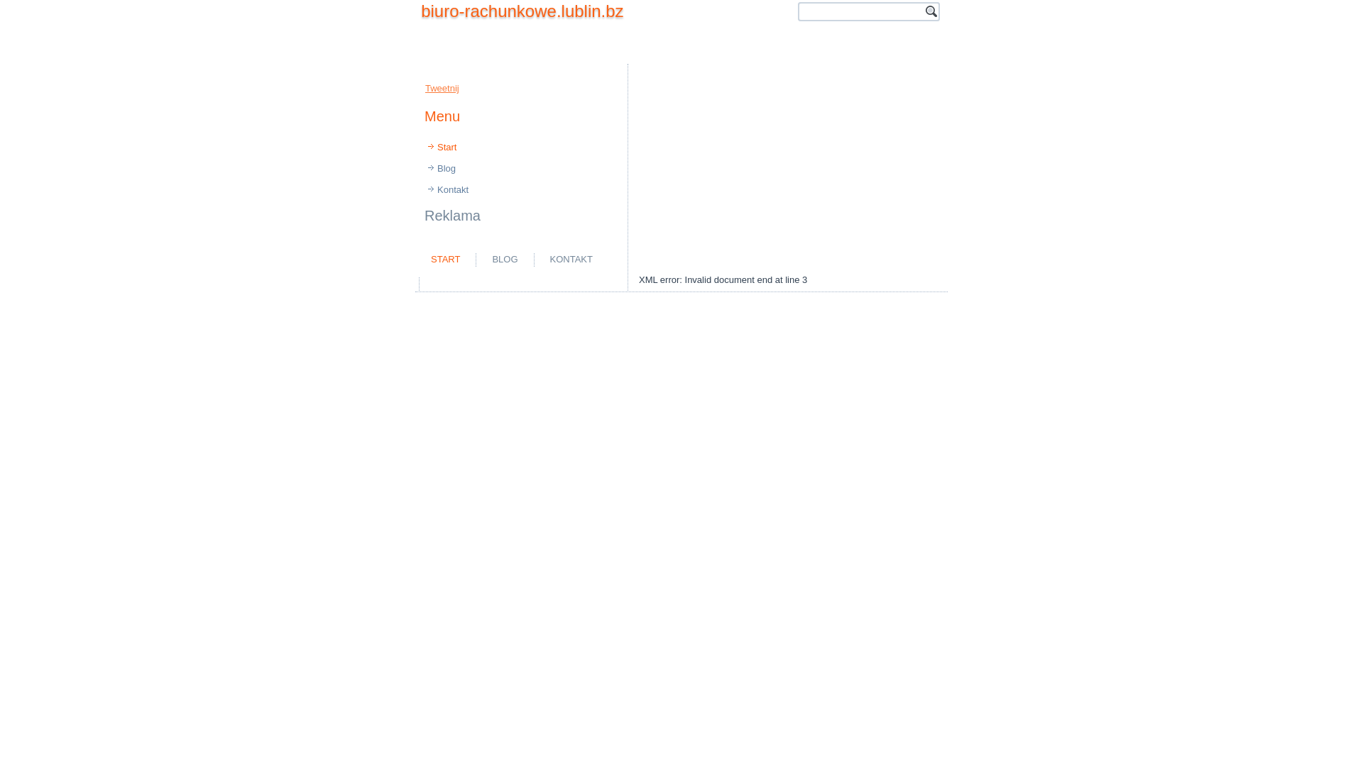 The image size is (1363, 766). Describe the element at coordinates (418, 259) in the screenshot. I see `'START'` at that location.